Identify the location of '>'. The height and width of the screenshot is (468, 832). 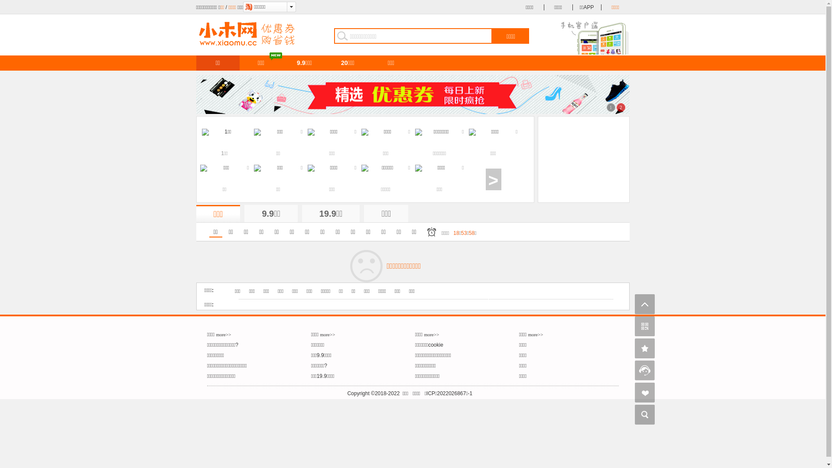
(493, 179).